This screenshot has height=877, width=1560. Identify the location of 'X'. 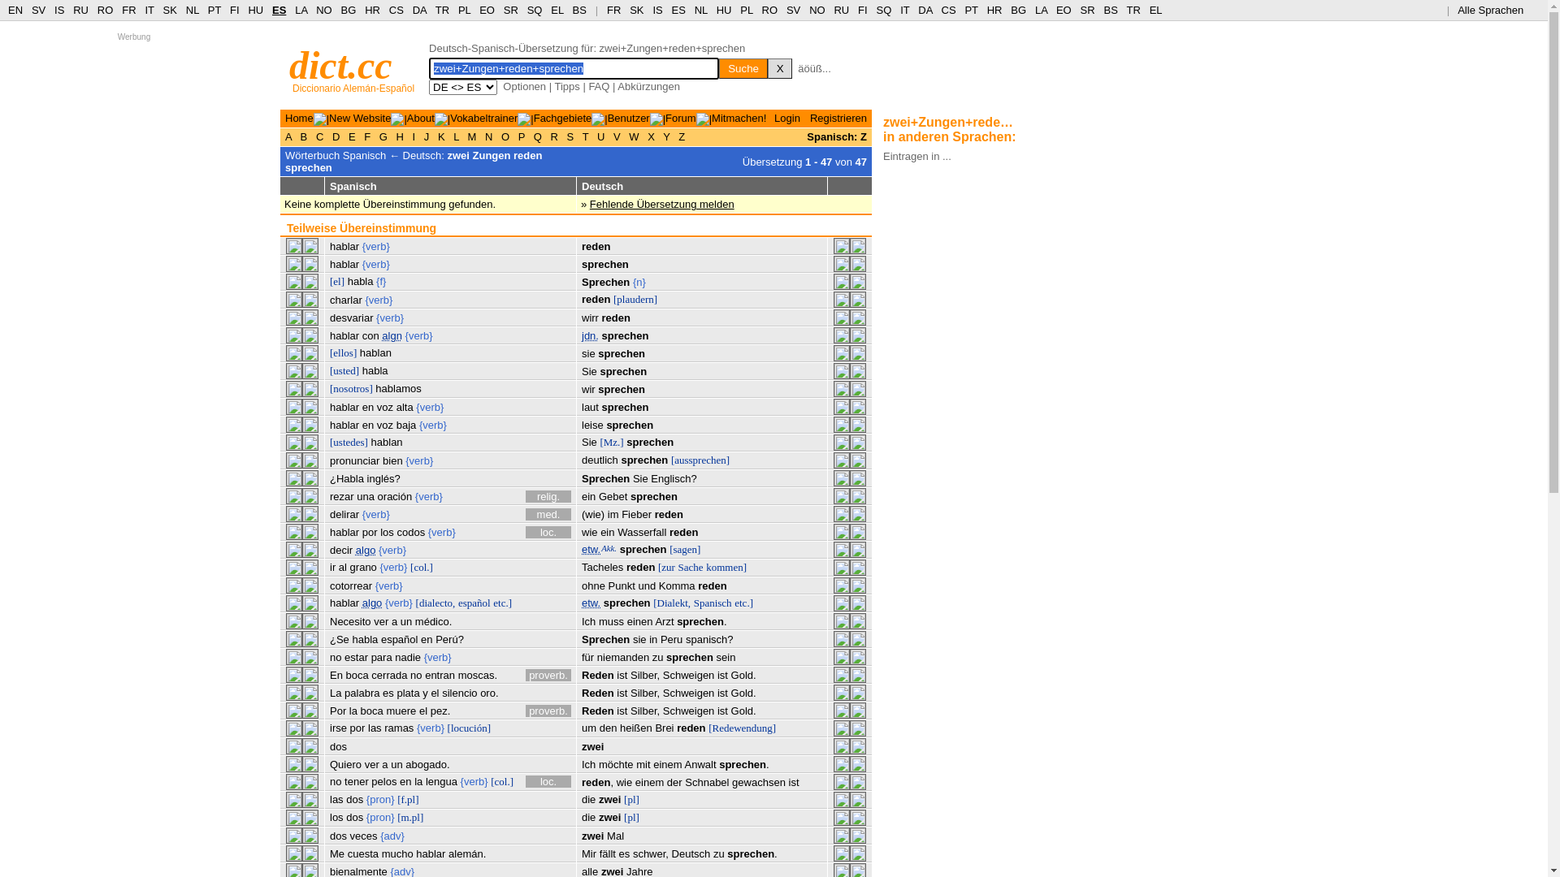
(651, 136).